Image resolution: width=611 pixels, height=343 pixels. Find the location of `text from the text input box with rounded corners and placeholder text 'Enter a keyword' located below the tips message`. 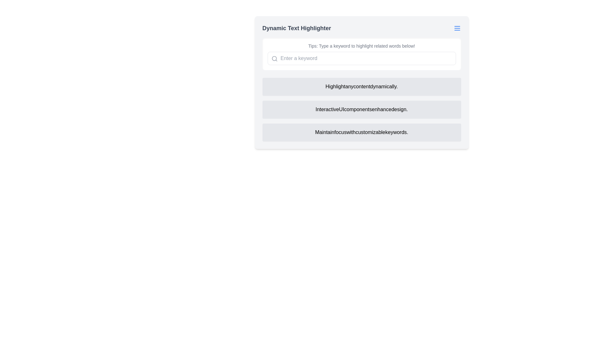

text from the text input box with rounded corners and placeholder text 'Enter a keyword' located below the tips message is located at coordinates (362, 58).